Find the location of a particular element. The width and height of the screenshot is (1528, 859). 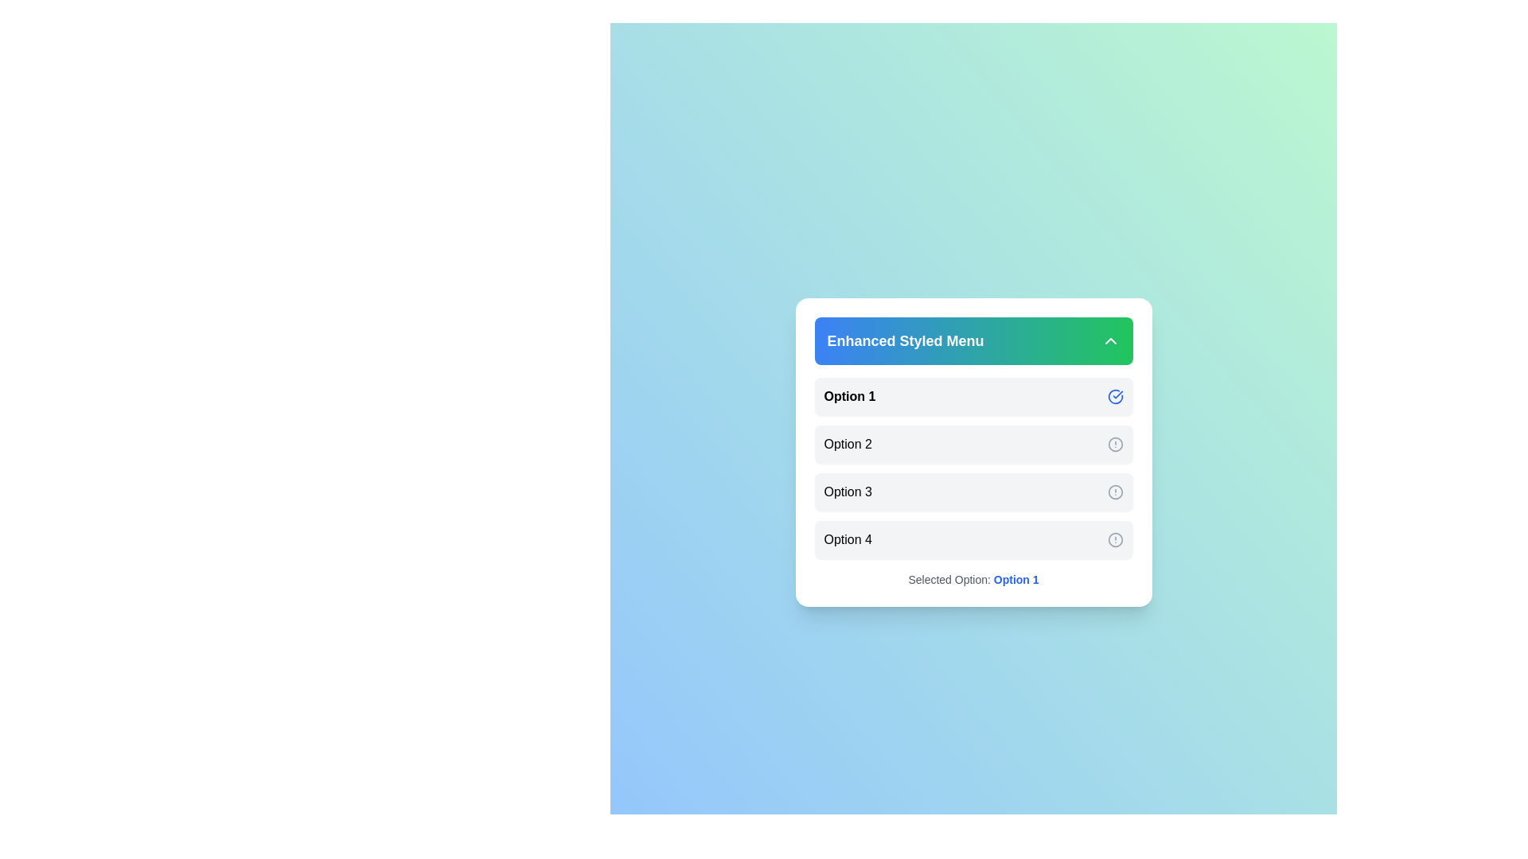

the menu option Option 4 by clicking on it is located at coordinates (973, 538).